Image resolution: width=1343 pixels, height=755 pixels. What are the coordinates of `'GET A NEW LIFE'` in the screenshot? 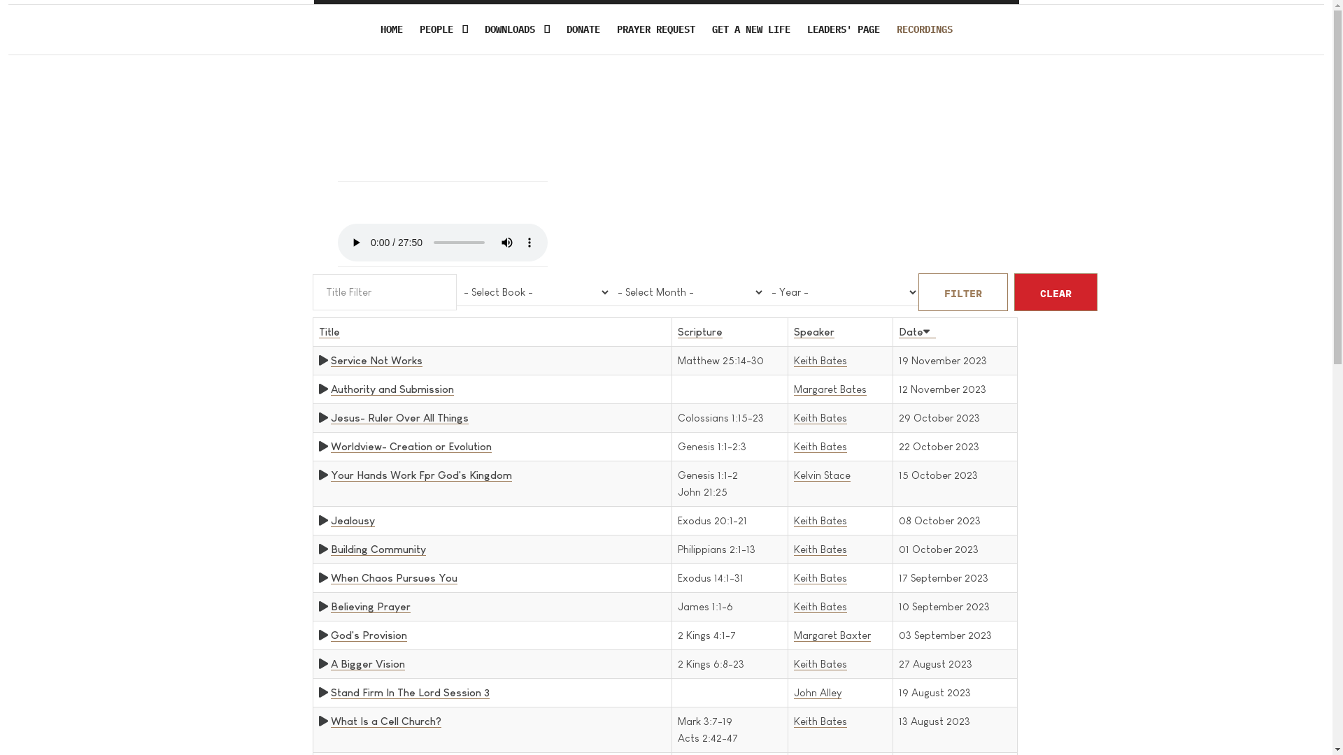 It's located at (751, 29).